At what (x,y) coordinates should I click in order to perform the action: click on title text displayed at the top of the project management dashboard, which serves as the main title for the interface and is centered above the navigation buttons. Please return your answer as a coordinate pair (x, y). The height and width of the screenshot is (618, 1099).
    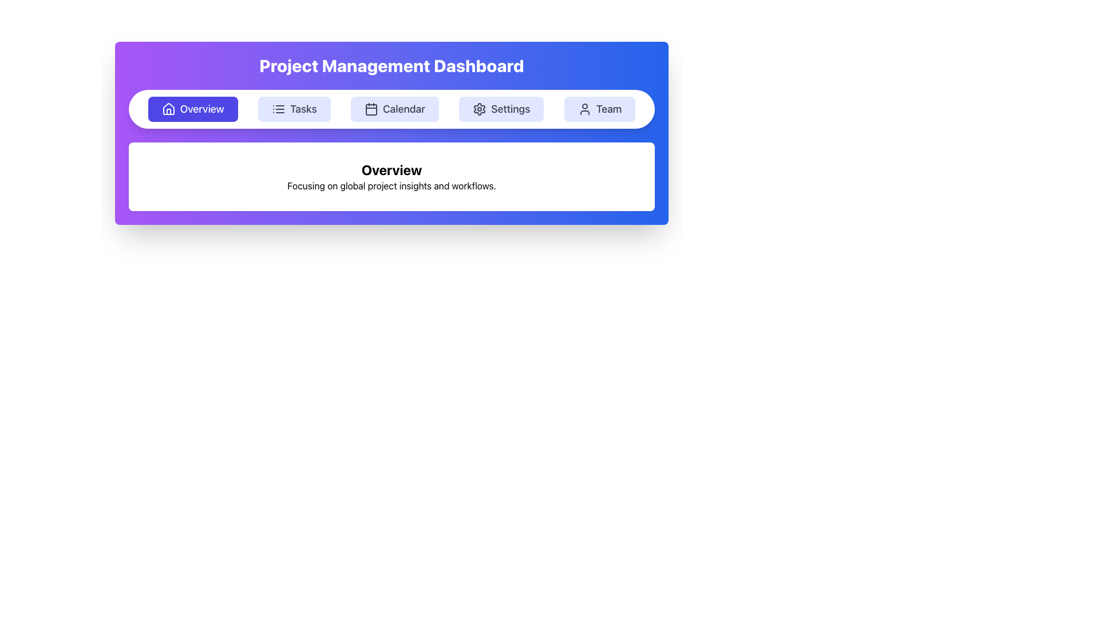
    Looking at the image, I should click on (392, 66).